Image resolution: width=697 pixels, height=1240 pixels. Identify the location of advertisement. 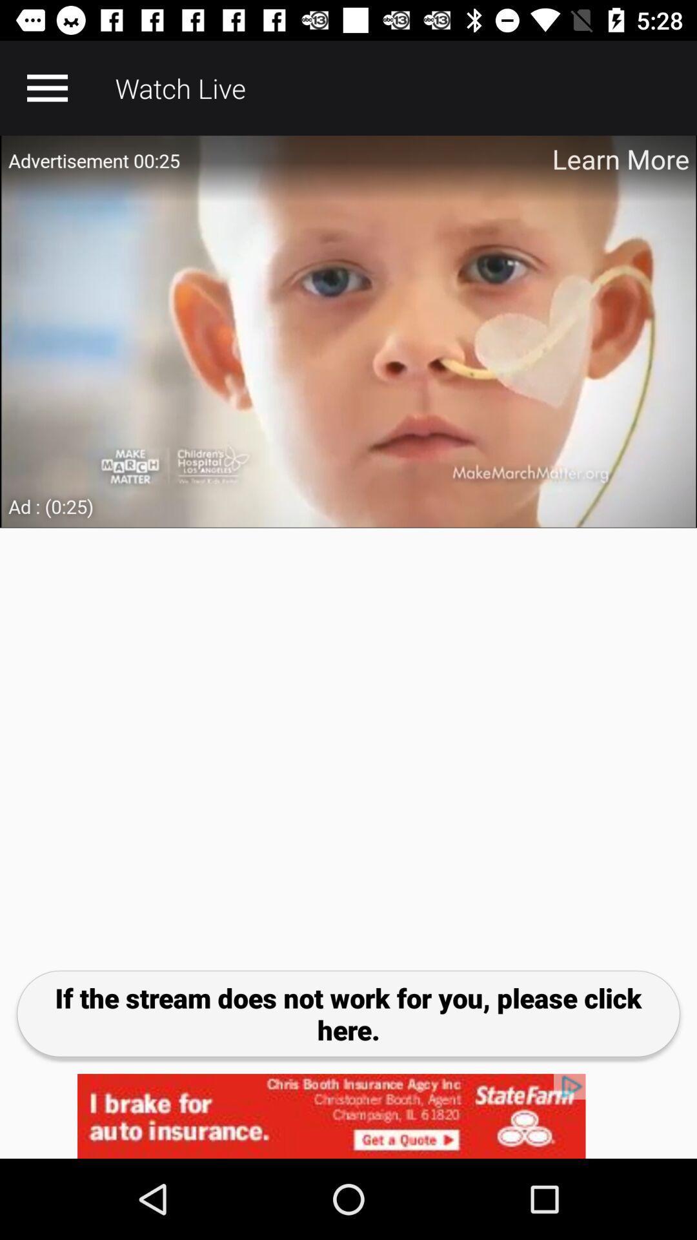
(348, 1115).